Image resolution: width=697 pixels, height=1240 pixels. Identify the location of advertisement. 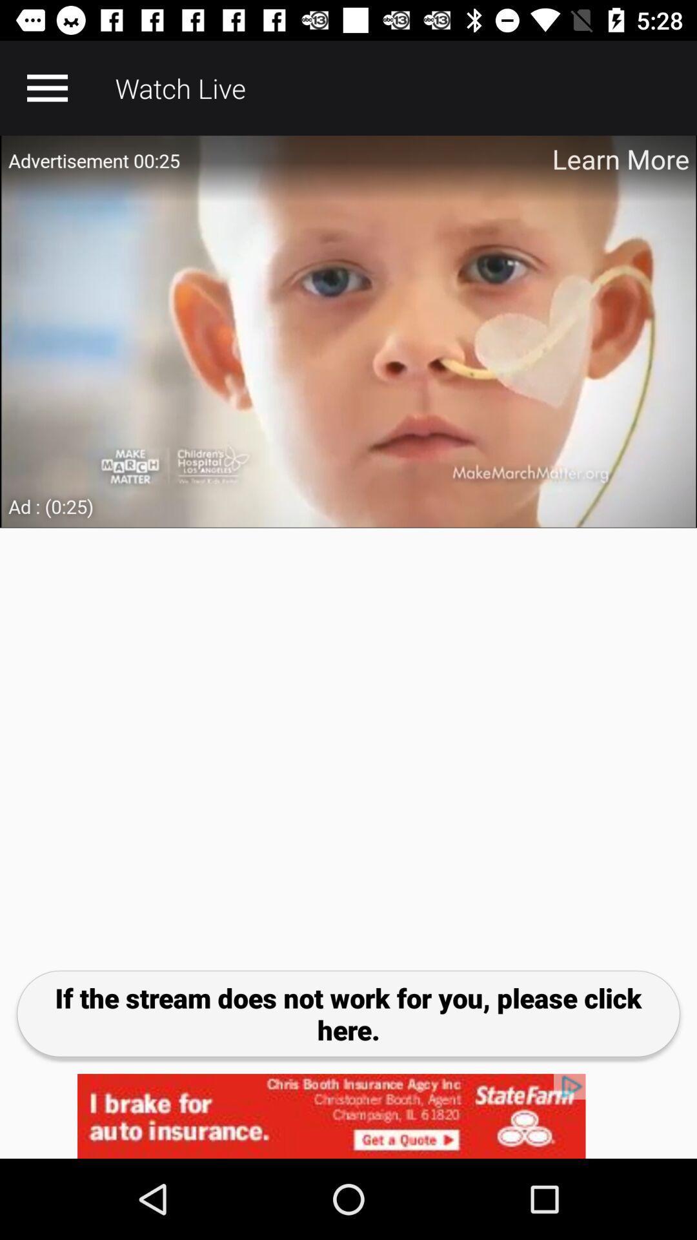
(348, 1115).